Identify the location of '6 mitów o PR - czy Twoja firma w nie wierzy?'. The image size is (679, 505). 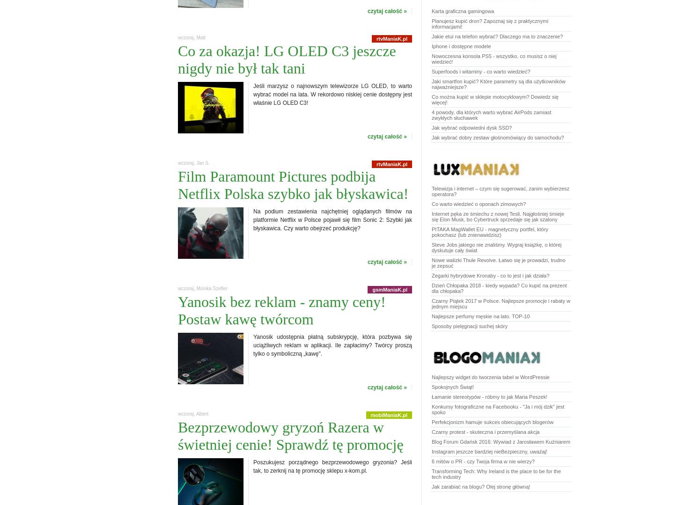
(483, 461).